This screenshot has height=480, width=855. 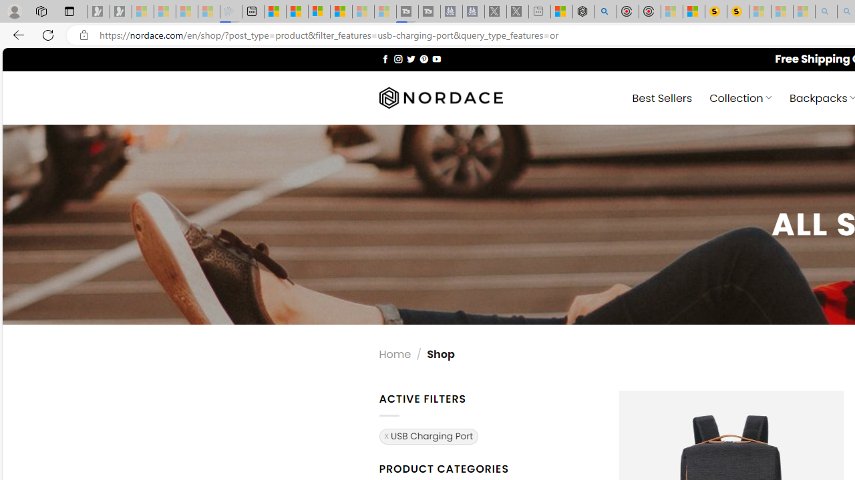 What do you see at coordinates (83, 35) in the screenshot?
I see `'View site information'` at bounding box center [83, 35].